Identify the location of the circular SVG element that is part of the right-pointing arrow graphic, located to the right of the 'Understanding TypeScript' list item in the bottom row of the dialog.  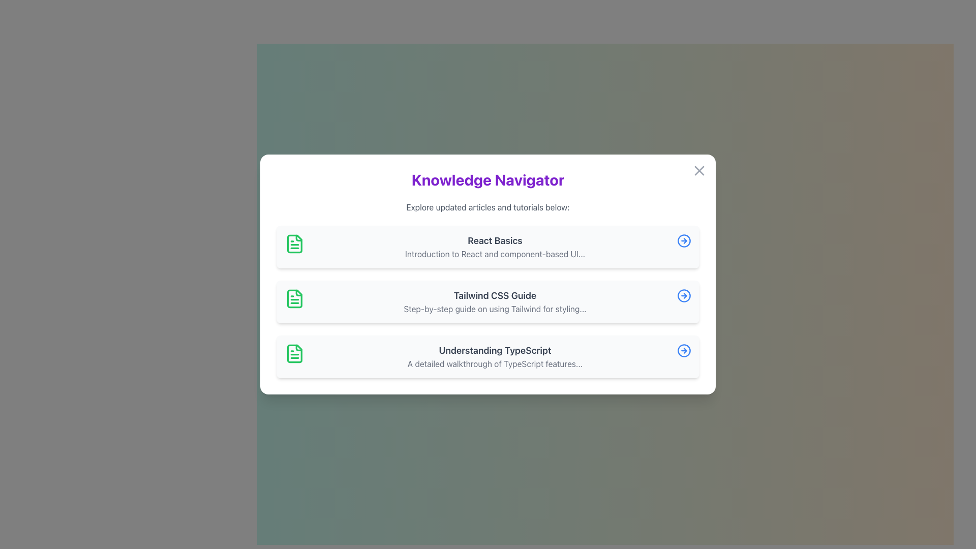
(684, 350).